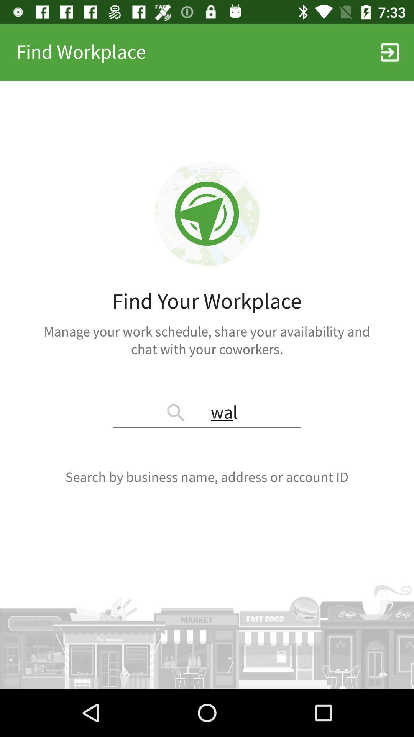 The height and width of the screenshot is (737, 414). What do you see at coordinates (390, 52) in the screenshot?
I see `item to the right of the find workplace icon` at bounding box center [390, 52].